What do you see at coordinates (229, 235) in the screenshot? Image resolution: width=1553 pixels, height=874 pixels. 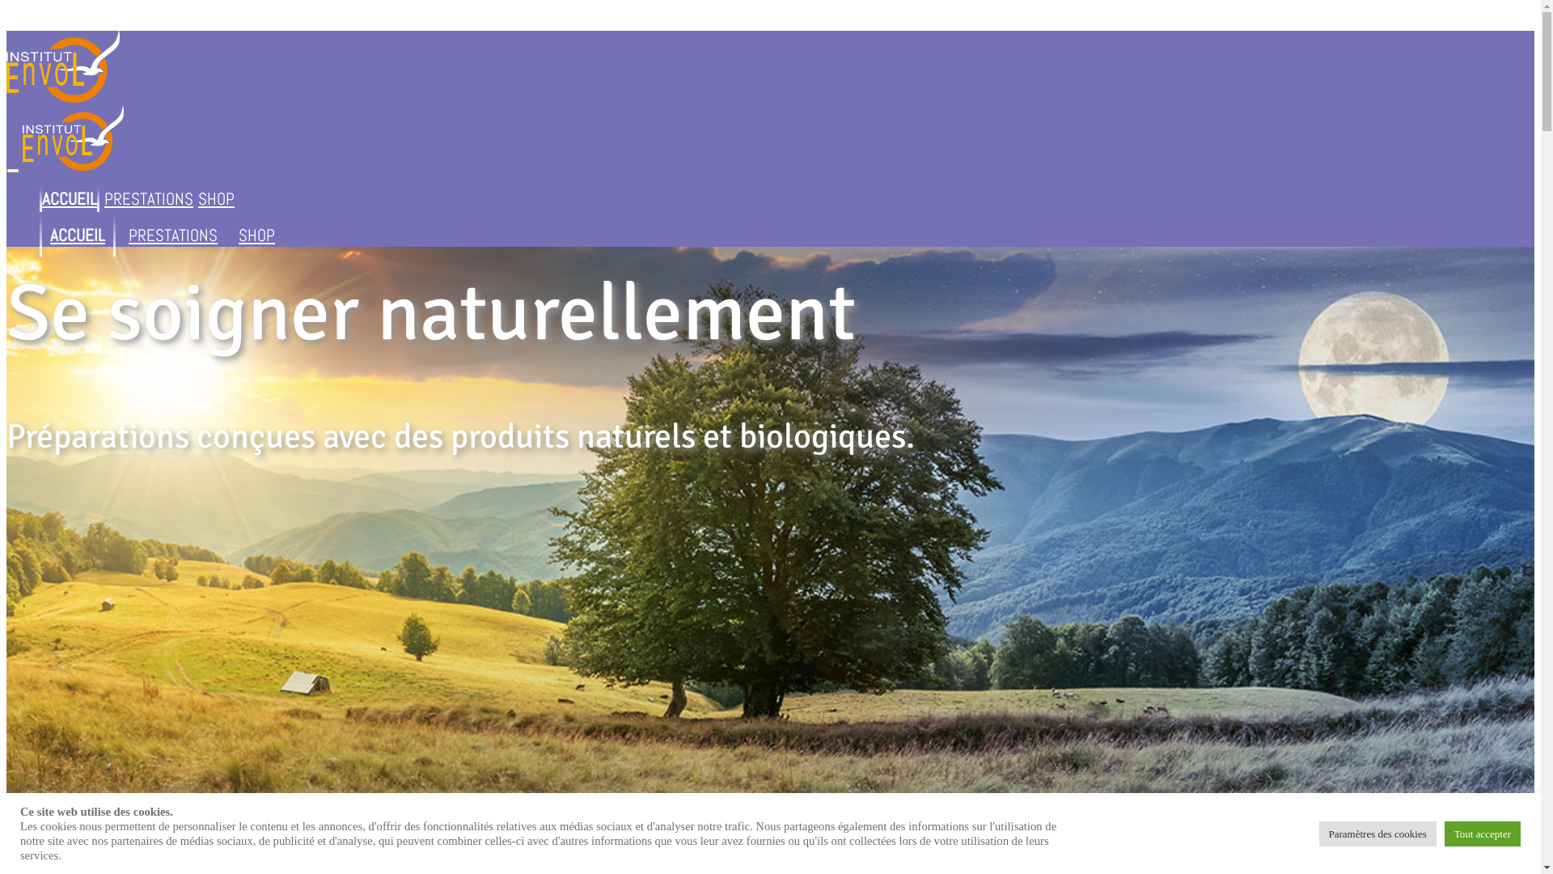 I see `'SHOP'` at bounding box center [229, 235].